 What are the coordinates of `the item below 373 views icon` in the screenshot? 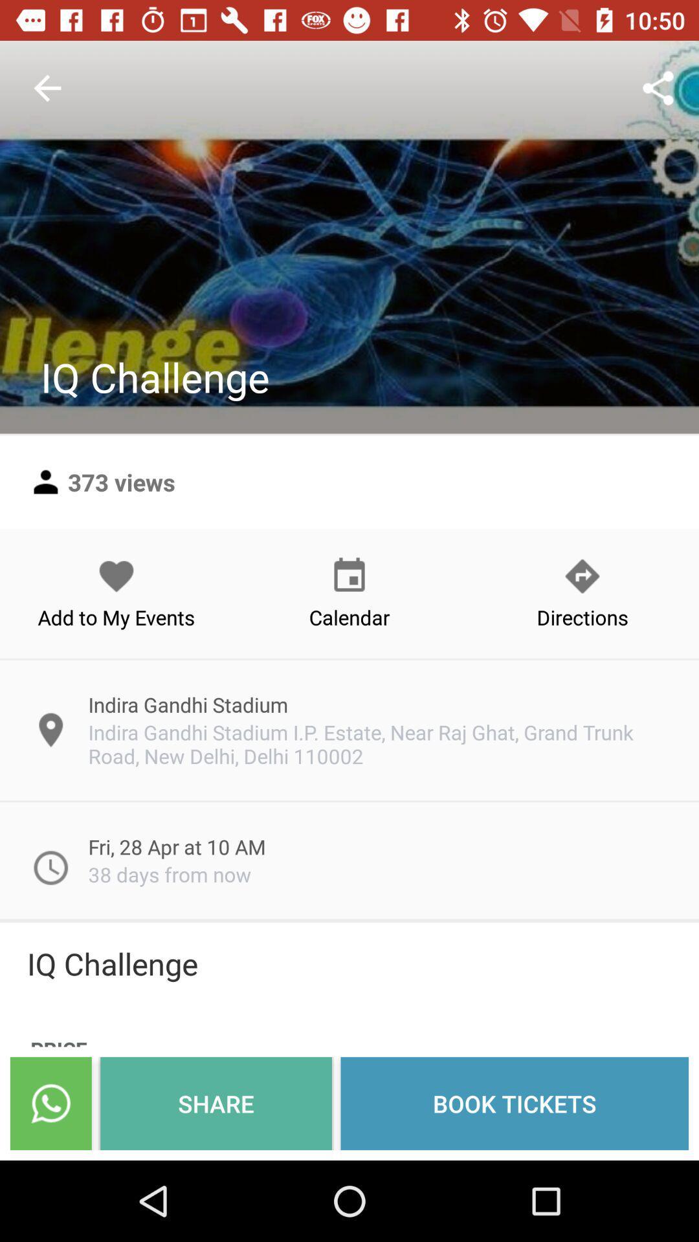 It's located at (116, 593).